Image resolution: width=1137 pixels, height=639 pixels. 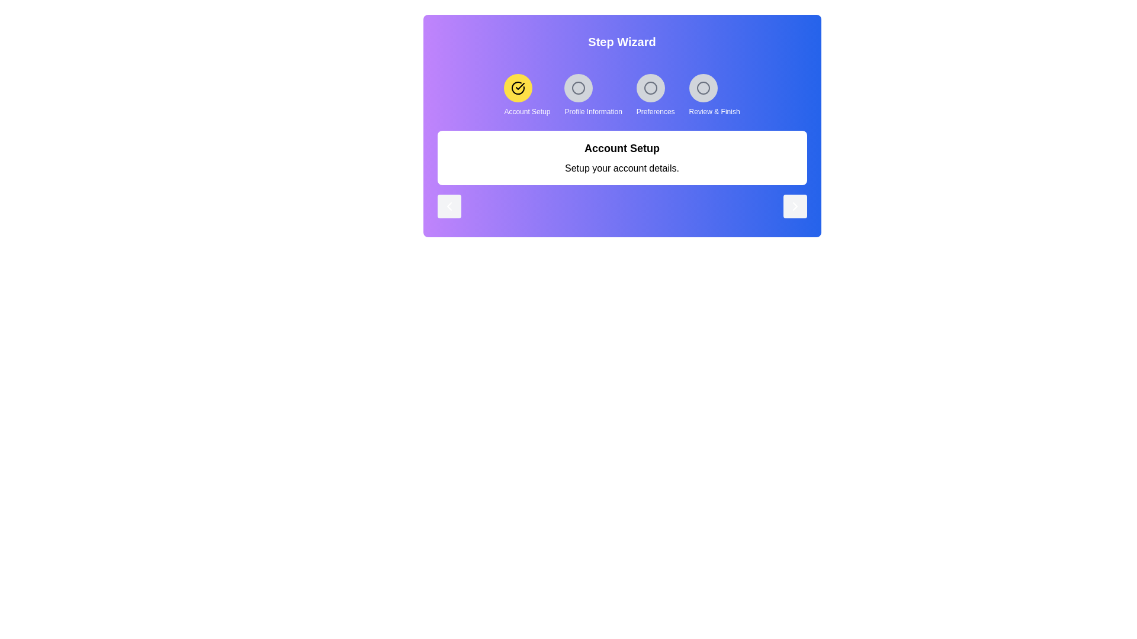 I want to click on the 'Next' button to navigate to the next step, so click(x=795, y=205).